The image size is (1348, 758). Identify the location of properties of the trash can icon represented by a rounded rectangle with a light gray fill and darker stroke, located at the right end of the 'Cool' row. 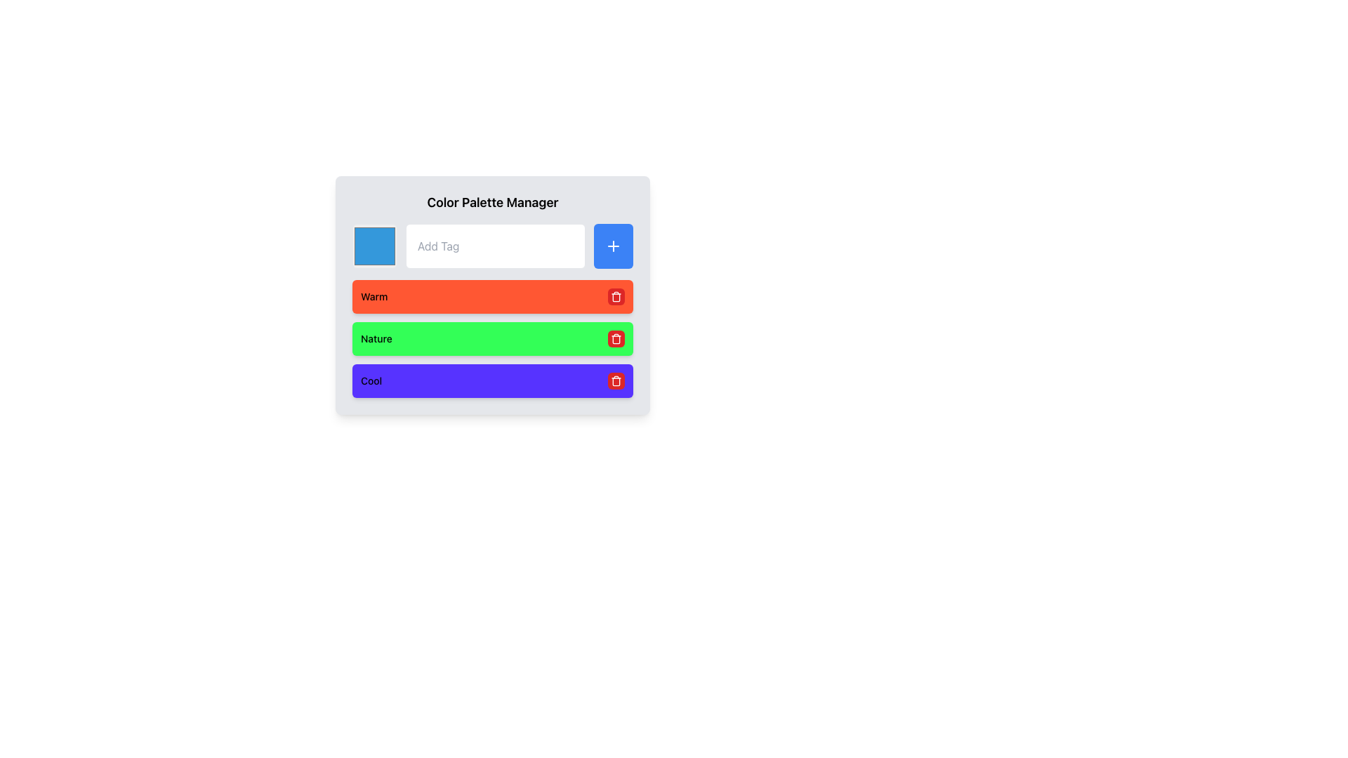
(616, 381).